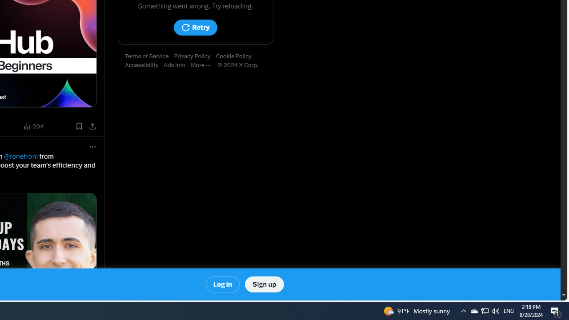 This screenshot has width=569, height=320. What do you see at coordinates (236, 56) in the screenshot?
I see `'Cookie Policy'` at bounding box center [236, 56].